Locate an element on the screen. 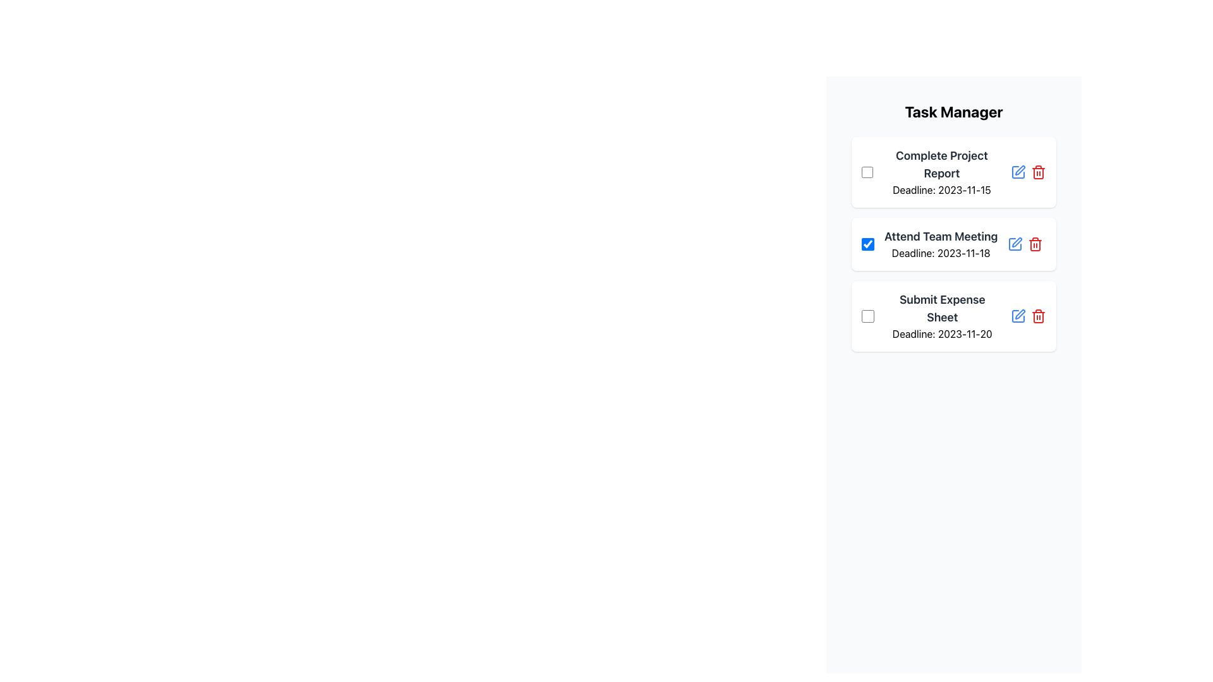  title text of the second task entry located above the deadline text 'Deadline: 2023-11-18' is located at coordinates (941, 236).